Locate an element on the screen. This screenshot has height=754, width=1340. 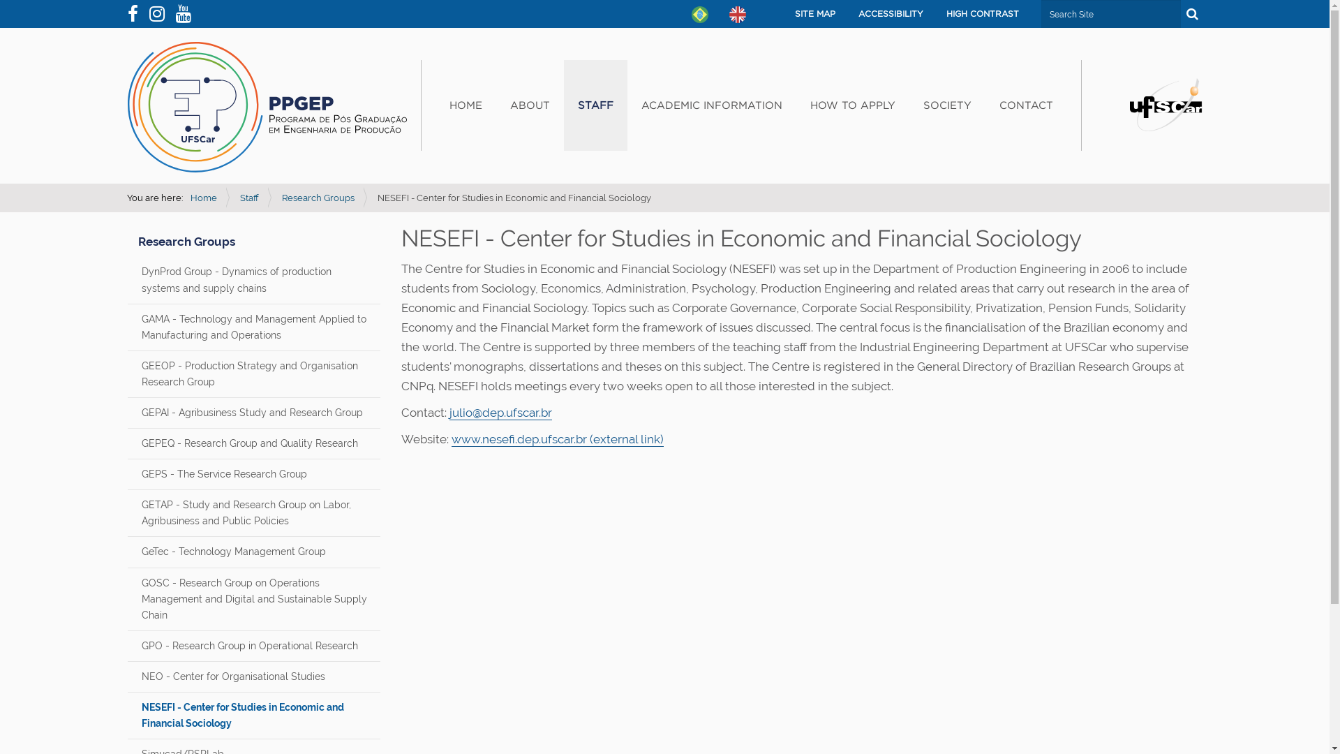
'SITE MAP' is located at coordinates (814, 13).